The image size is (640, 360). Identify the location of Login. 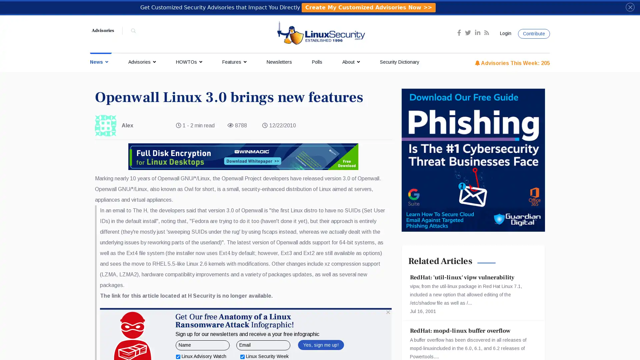
(504, 33).